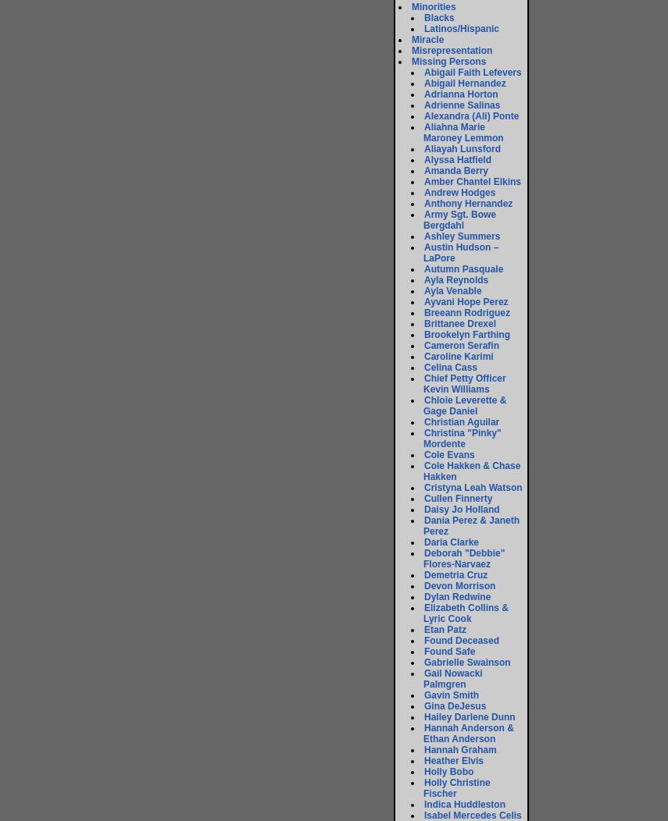 This screenshot has height=821, width=668. Describe the element at coordinates (452, 291) in the screenshot. I see `'Ayla Venable'` at that location.